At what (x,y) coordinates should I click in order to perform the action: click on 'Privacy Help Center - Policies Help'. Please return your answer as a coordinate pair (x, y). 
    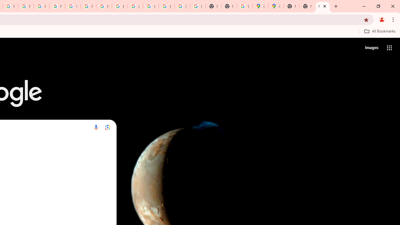
    Looking at the image, I should click on (25, 6).